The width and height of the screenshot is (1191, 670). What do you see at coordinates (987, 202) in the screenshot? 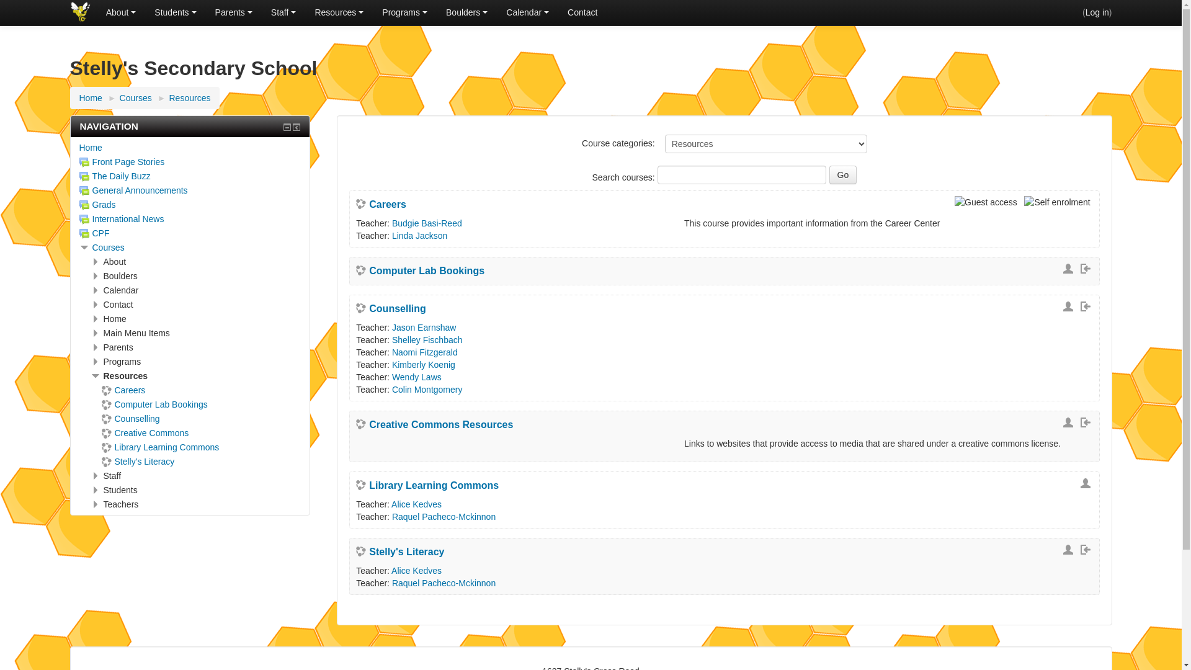
I see `'Guest access'` at bounding box center [987, 202].